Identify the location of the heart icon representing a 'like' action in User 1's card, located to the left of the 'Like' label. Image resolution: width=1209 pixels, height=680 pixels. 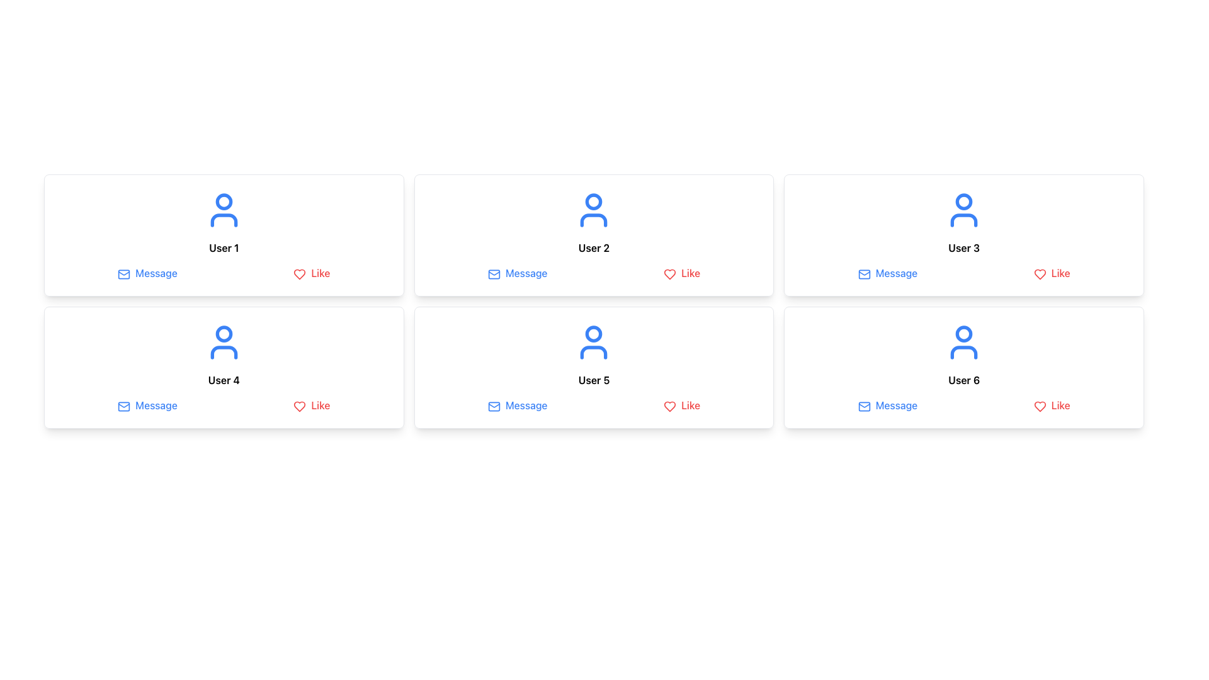
(299, 273).